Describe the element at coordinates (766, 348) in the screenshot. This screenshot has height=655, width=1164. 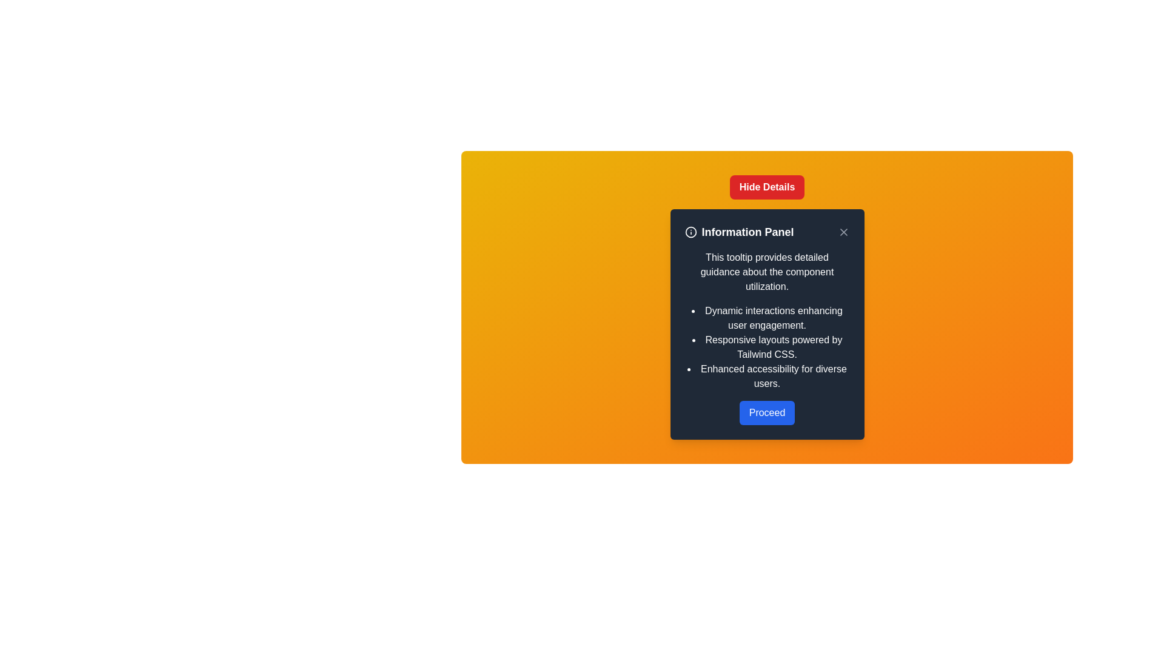
I see `text content describing 'Responsive layouts powered by Tailwind CSS.' from the second item in the bulleted list within the information panel` at that location.